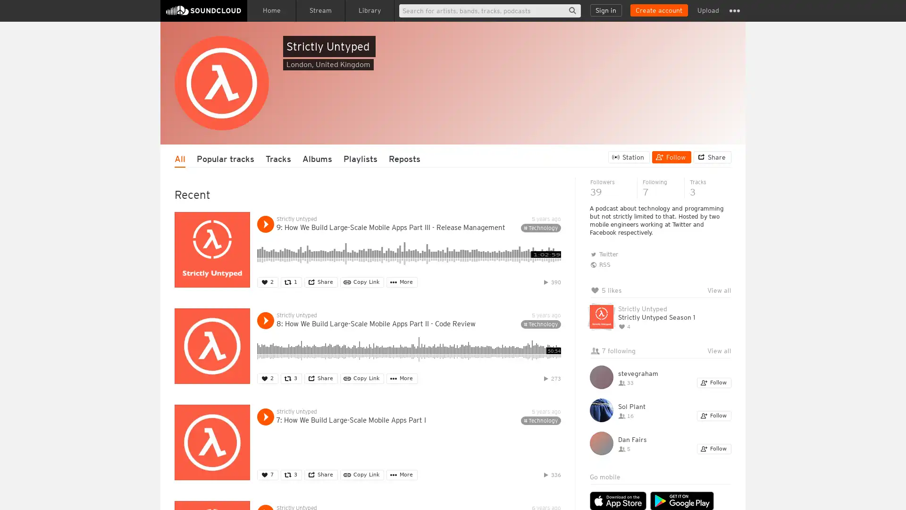 The image size is (906, 510). What do you see at coordinates (658, 10) in the screenshot?
I see `Create a SoundCloud account` at bounding box center [658, 10].